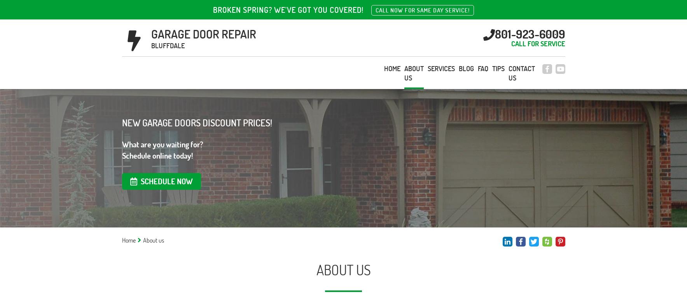 This screenshot has width=687, height=306. What do you see at coordinates (151, 45) in the screenshot?
I see `'BLUFFDALE'` at bounding box center [151, 45].